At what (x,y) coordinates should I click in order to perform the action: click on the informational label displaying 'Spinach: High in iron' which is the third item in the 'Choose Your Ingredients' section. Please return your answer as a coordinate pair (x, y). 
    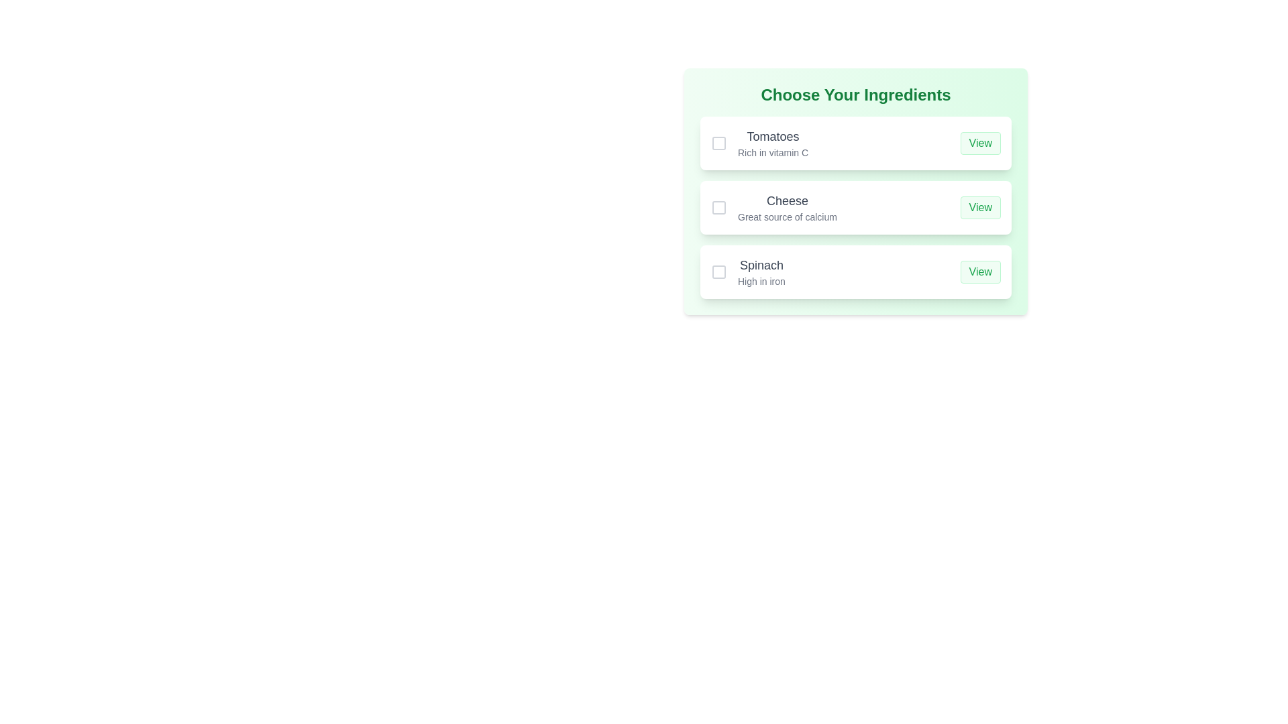
    Looking at the image, I should click on (747, 271).